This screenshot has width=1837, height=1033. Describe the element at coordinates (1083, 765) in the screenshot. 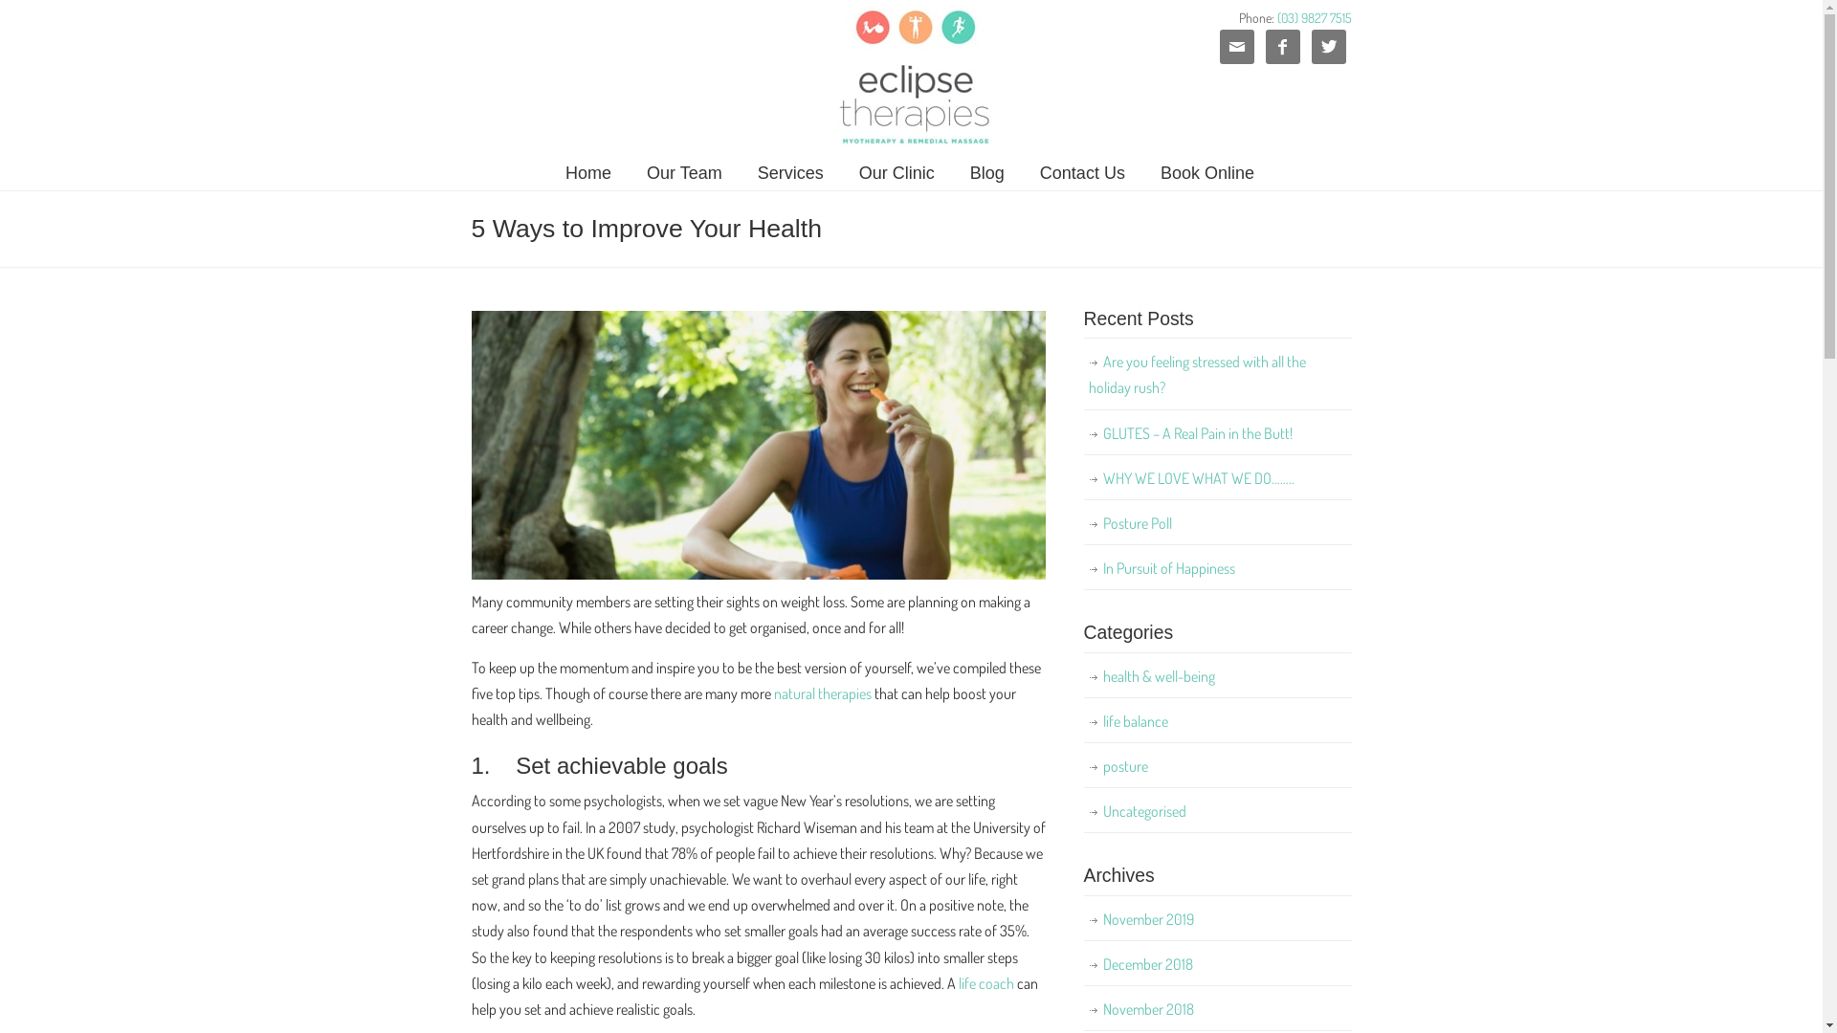

I see `'posture'` at that location.